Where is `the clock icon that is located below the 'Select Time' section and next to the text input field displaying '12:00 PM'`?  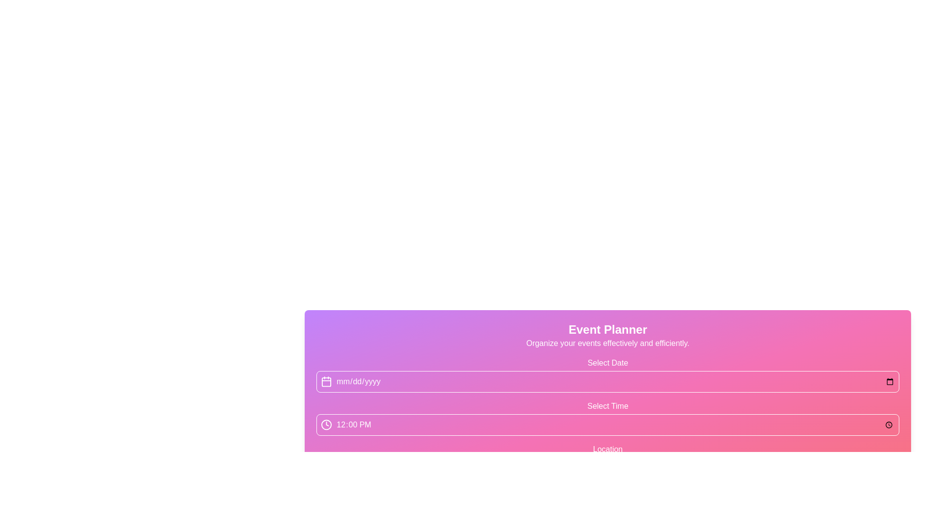
the clock icon that is located below the 'Select Time' section and next to the text input field displaying '12:00 PM' is located at coordinates (326, 424).